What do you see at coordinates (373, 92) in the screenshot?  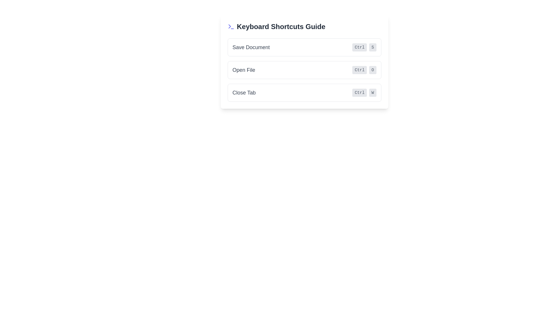 I see `the keyboard key element displaying the letter 'W', which is positioned to the right of the 'Ctrl' key within the 'Close Tab' row of keyboard shortcuts` at bounding box center [373, 92].